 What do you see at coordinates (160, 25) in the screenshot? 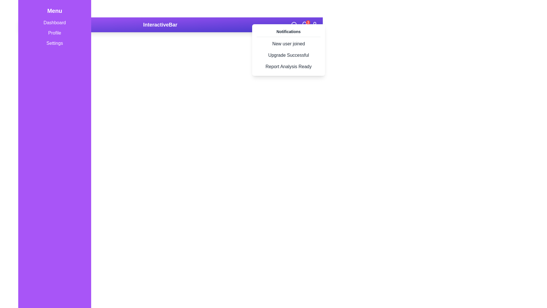
I see `the text label 'InteractiveBar' which is styled in bold font and located centrally within the purple header bar` at bounding box center [160, 25].